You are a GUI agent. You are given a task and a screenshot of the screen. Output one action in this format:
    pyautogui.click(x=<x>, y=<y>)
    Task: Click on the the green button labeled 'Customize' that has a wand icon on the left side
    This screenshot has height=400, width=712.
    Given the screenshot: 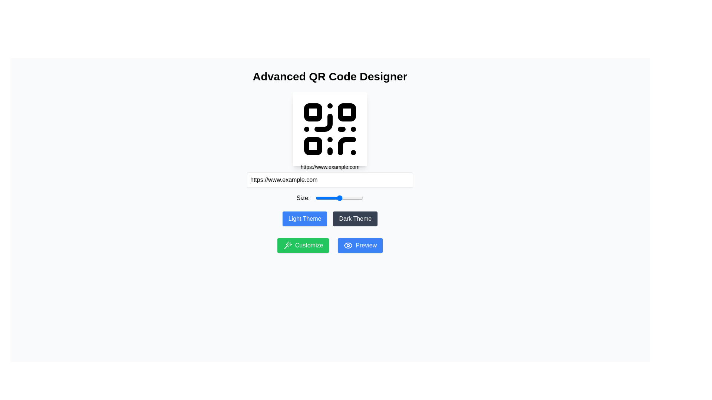 What is the action you would take?
    pyautogui.click(x=287, y=246)
    